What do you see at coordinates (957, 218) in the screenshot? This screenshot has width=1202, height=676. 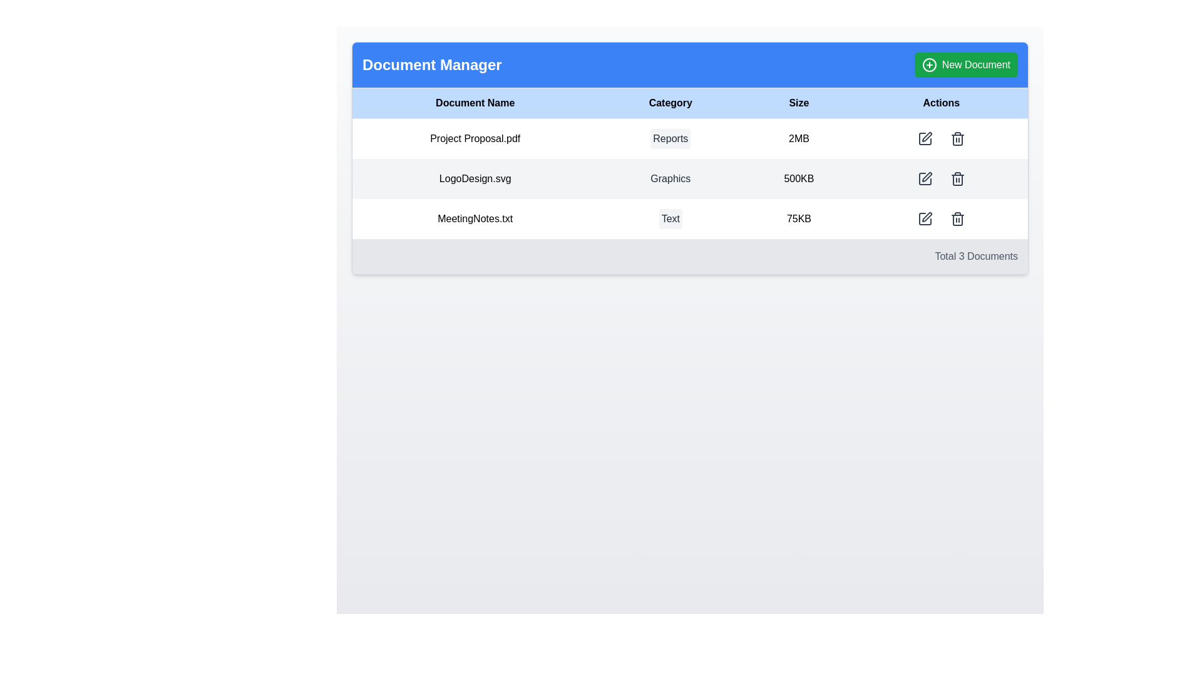 I see `the second button in the action buttons group located in the bottom row of the document table under the 'Actions' column` at bounding box center [957, 218].